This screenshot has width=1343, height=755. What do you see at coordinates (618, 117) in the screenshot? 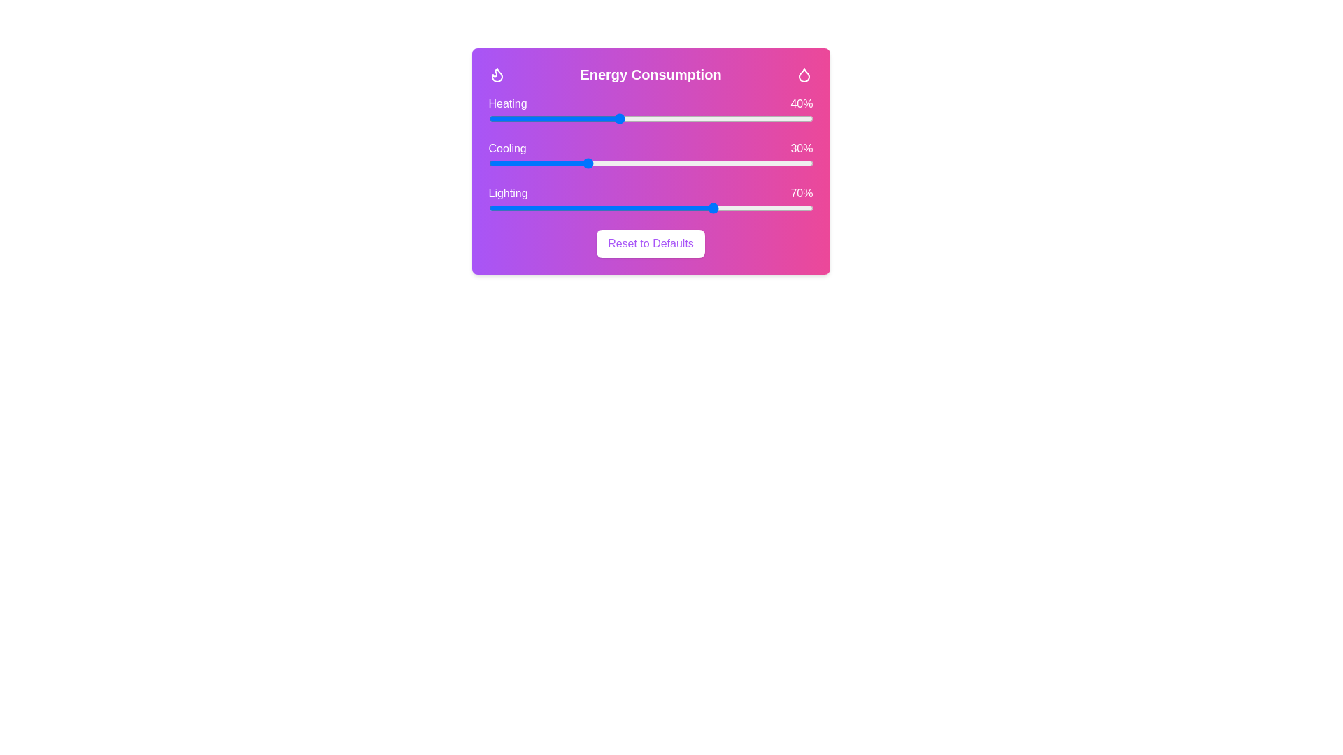
I see `the 'Heating' slider to 40%` at bounding box center [618, 117].